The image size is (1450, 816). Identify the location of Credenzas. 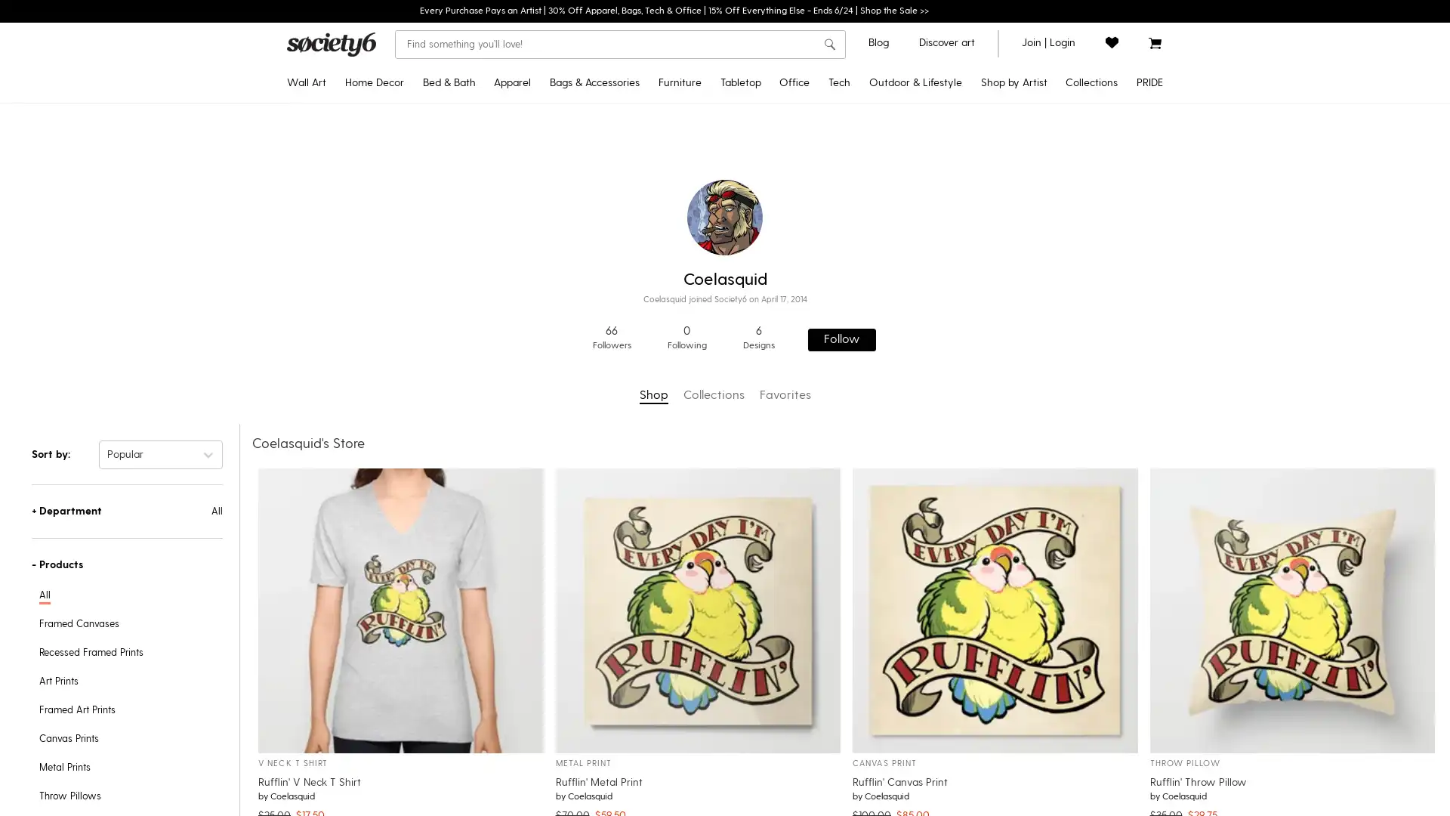
(705, 121).